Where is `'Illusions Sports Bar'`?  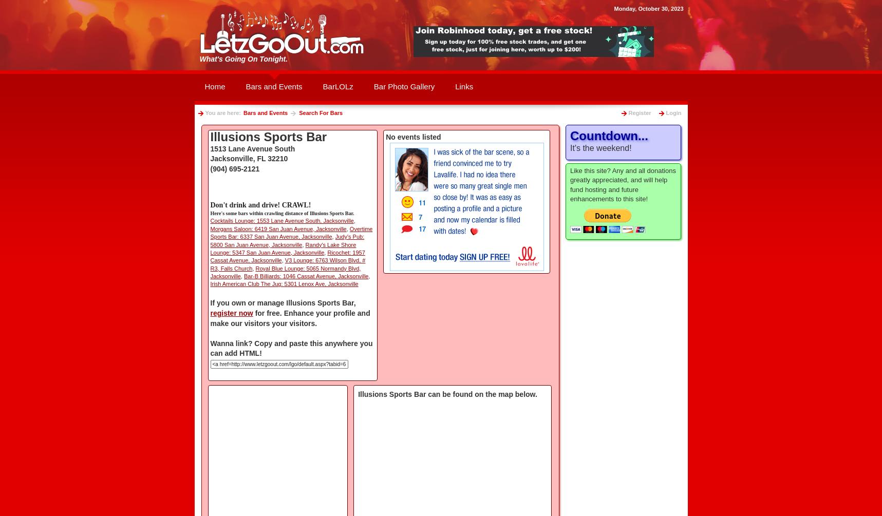 'Illusions Sports Bar' is located at coordinates (209, 136).